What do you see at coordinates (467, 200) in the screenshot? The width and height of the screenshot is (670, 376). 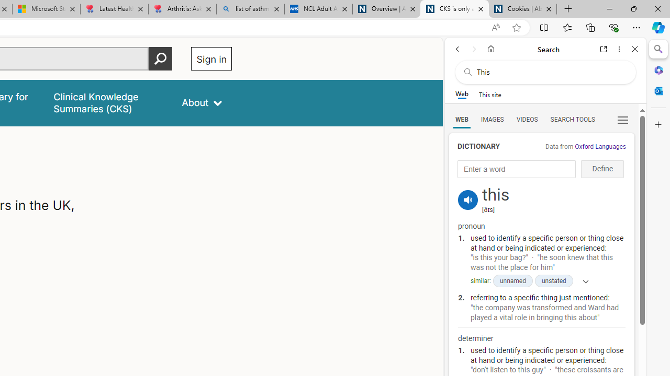 I see `'pronounce'` at bounding box center [467, 200].